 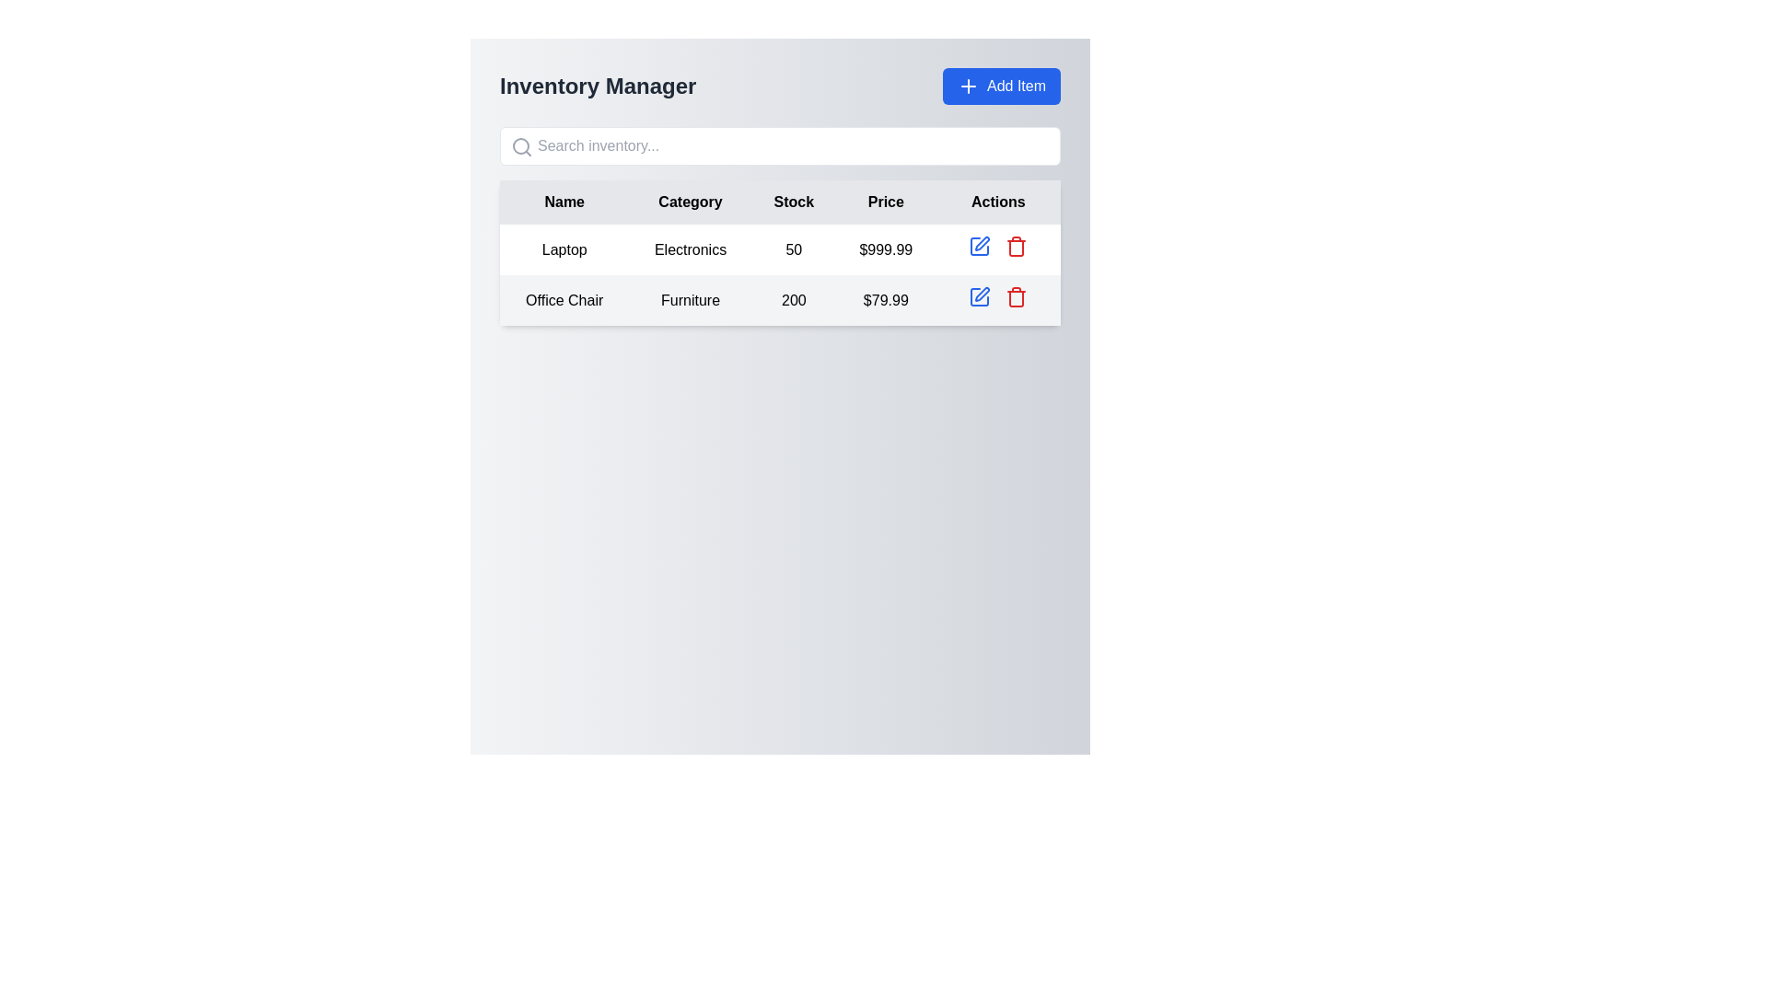 What do you see at coordinates (886, 249) in the screenshot?
I see `the static text displaying the price information for the inventory item 'Laptop', located in the fourth column of the first row in the table under the 'Price' header` at bounding box center [886, 249].